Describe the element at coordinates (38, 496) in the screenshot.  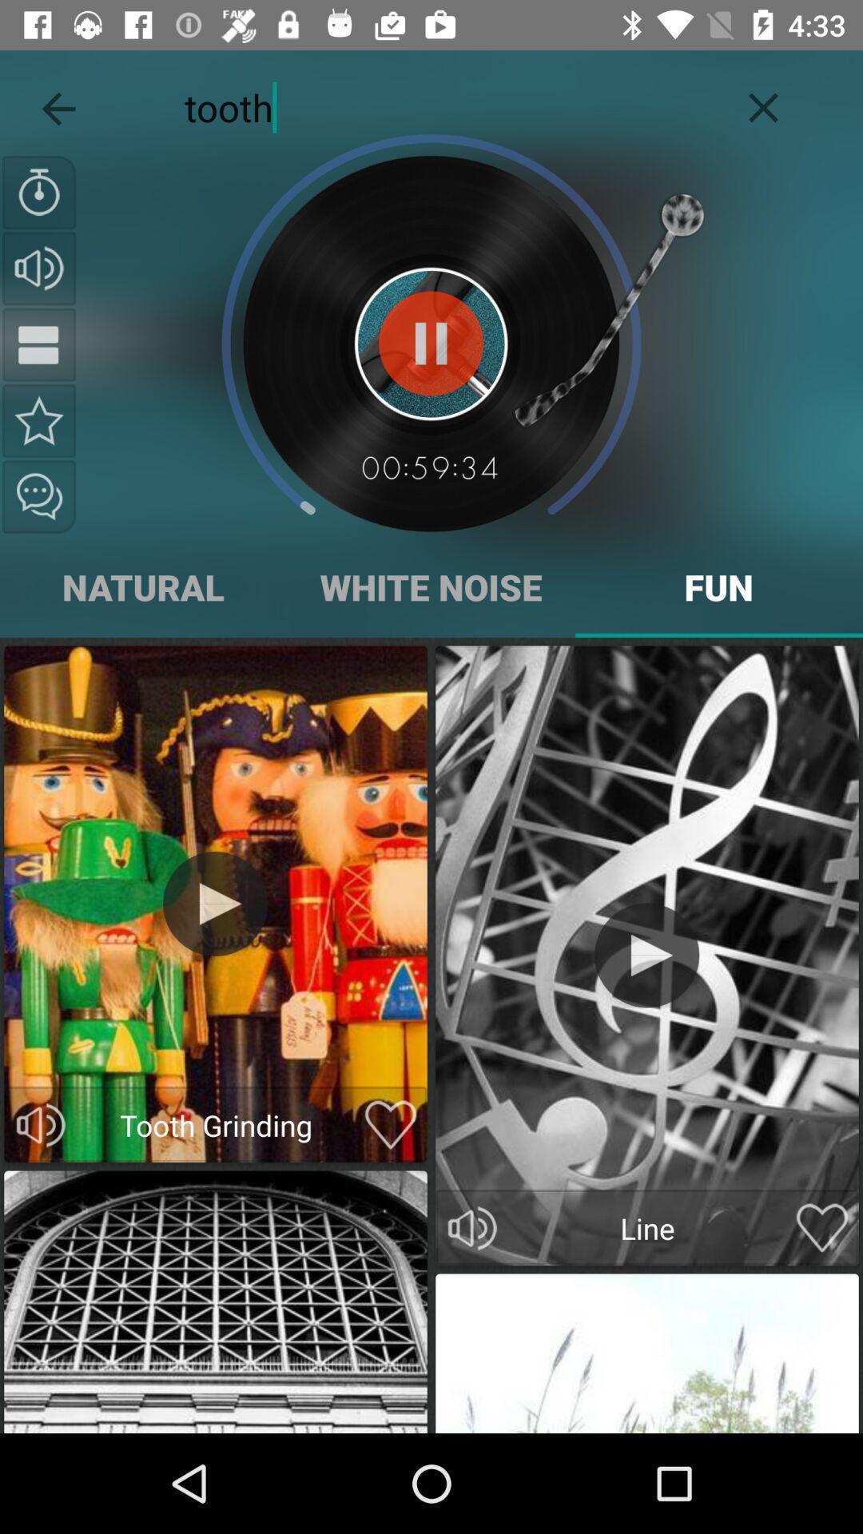
I see `share this sound` at that location.